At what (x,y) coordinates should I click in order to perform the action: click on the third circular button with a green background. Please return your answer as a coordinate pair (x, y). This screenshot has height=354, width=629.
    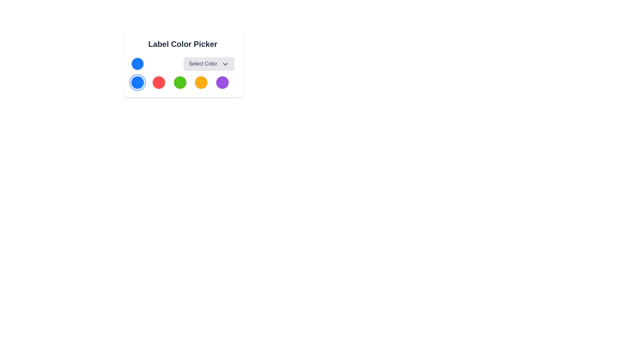
    Looking at the image, I should click on (180, 82).